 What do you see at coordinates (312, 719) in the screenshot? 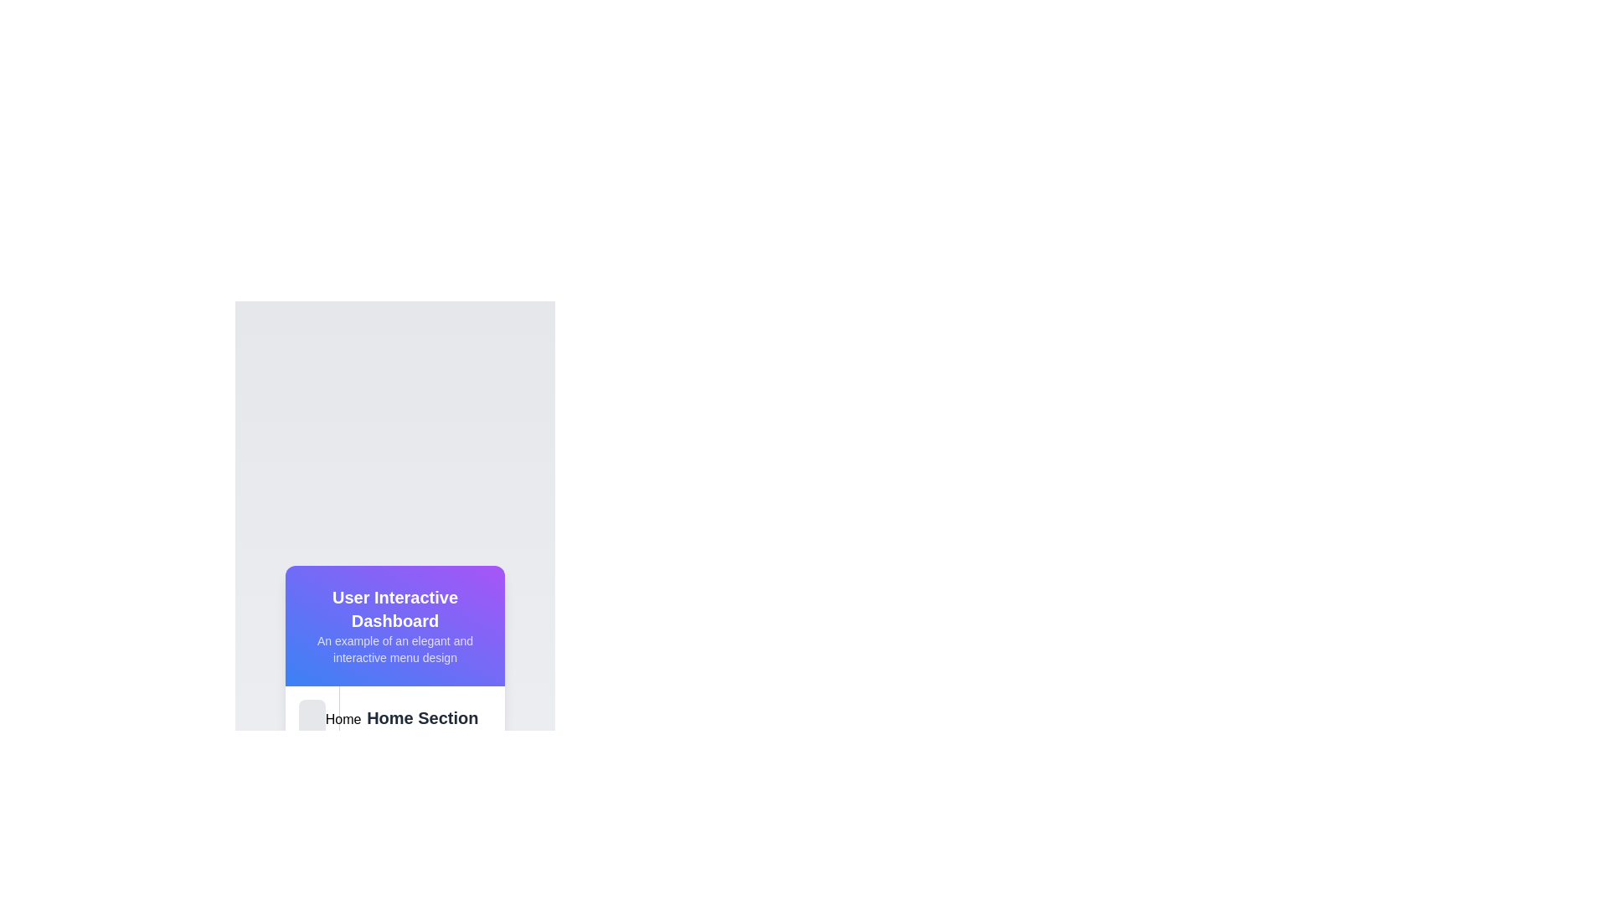
I see `the 'Home' button located in the sidebar of the 'User Interactive Dashboard'` at bounding box center [312, 719].